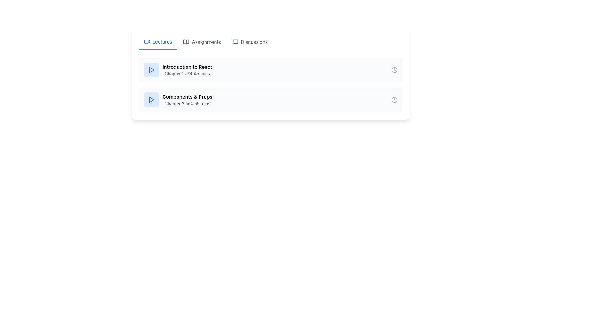  Describe the element at coordinates (162, 42) in the screenshot. I see `the interactive text label 'Lectures', which is styled in blue font and is part of a navigation bar` at that location.